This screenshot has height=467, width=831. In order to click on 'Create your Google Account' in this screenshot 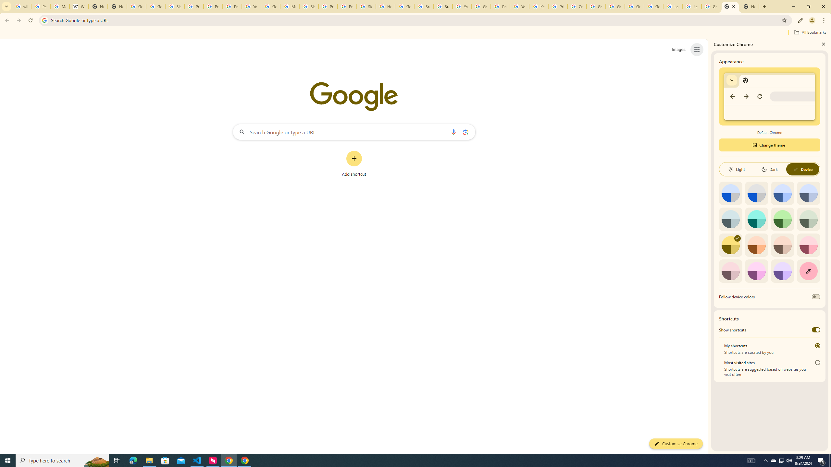, I will do `click(577, 6)`.